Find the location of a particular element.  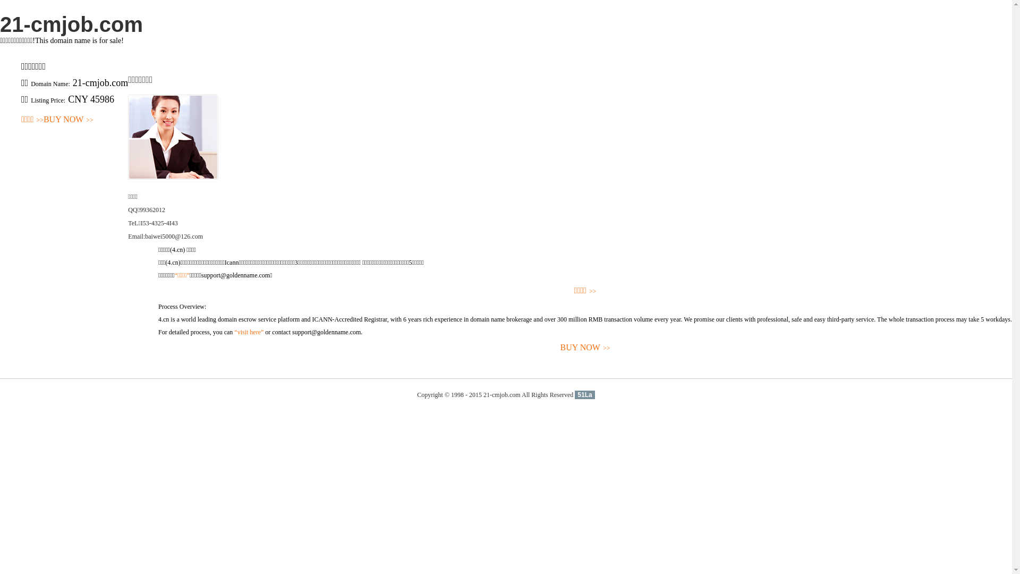

'BUY NOW>>' is located at coordinates (584, 348).